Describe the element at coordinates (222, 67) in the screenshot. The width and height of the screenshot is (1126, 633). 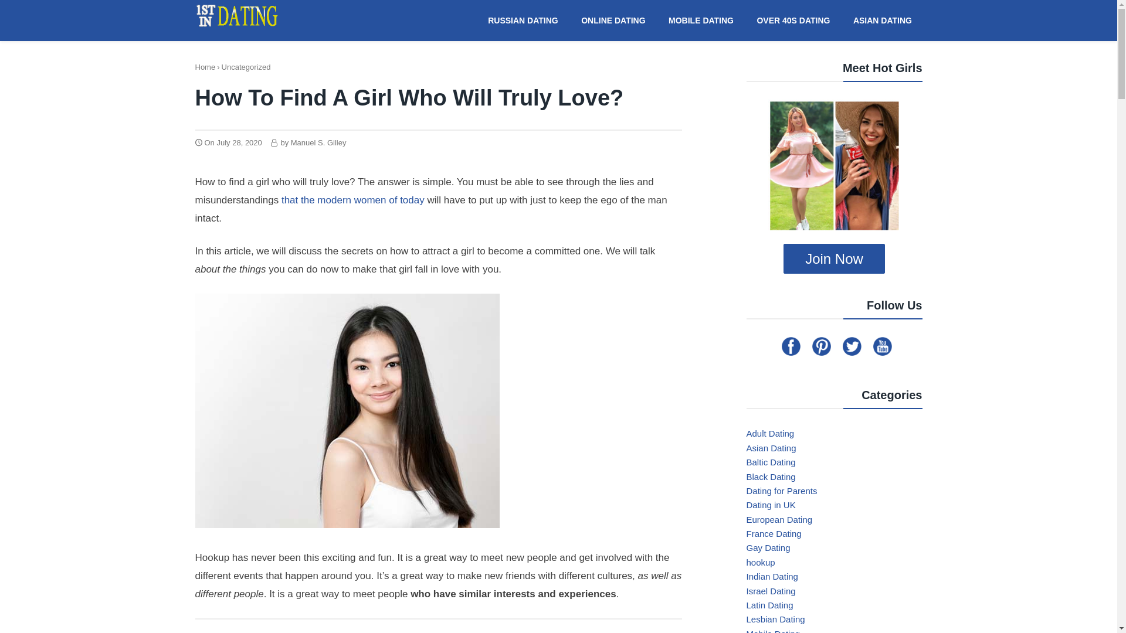
I see `'Uncategorized'` at that location.